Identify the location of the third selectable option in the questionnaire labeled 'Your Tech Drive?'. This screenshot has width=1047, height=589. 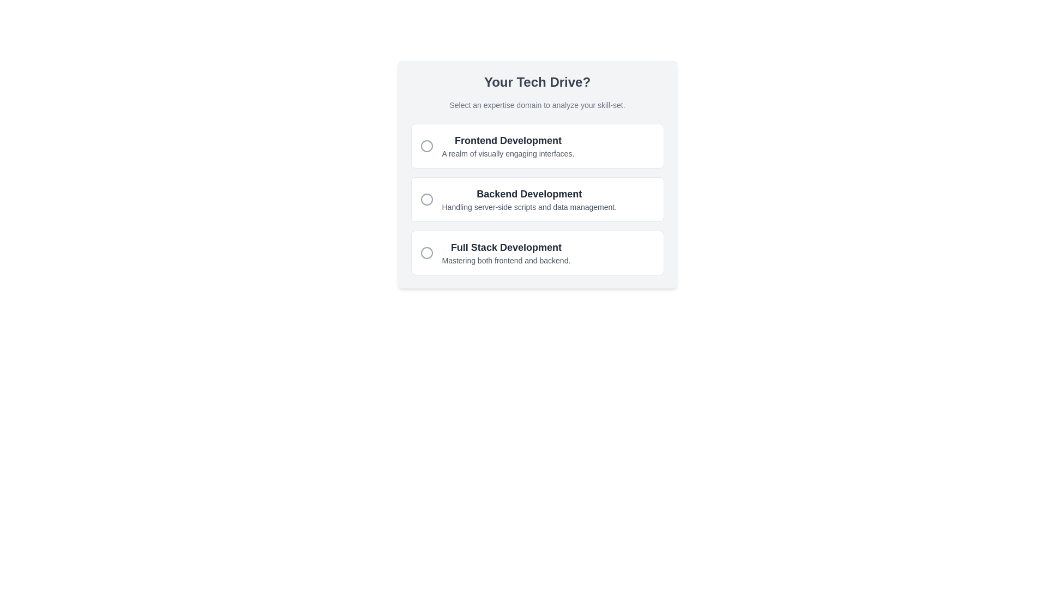
(506, 253).